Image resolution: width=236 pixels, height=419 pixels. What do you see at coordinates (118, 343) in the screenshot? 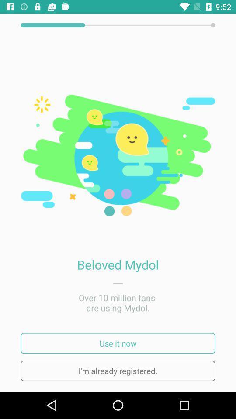
I see `use it now icon` at bounding box center [118, 343].